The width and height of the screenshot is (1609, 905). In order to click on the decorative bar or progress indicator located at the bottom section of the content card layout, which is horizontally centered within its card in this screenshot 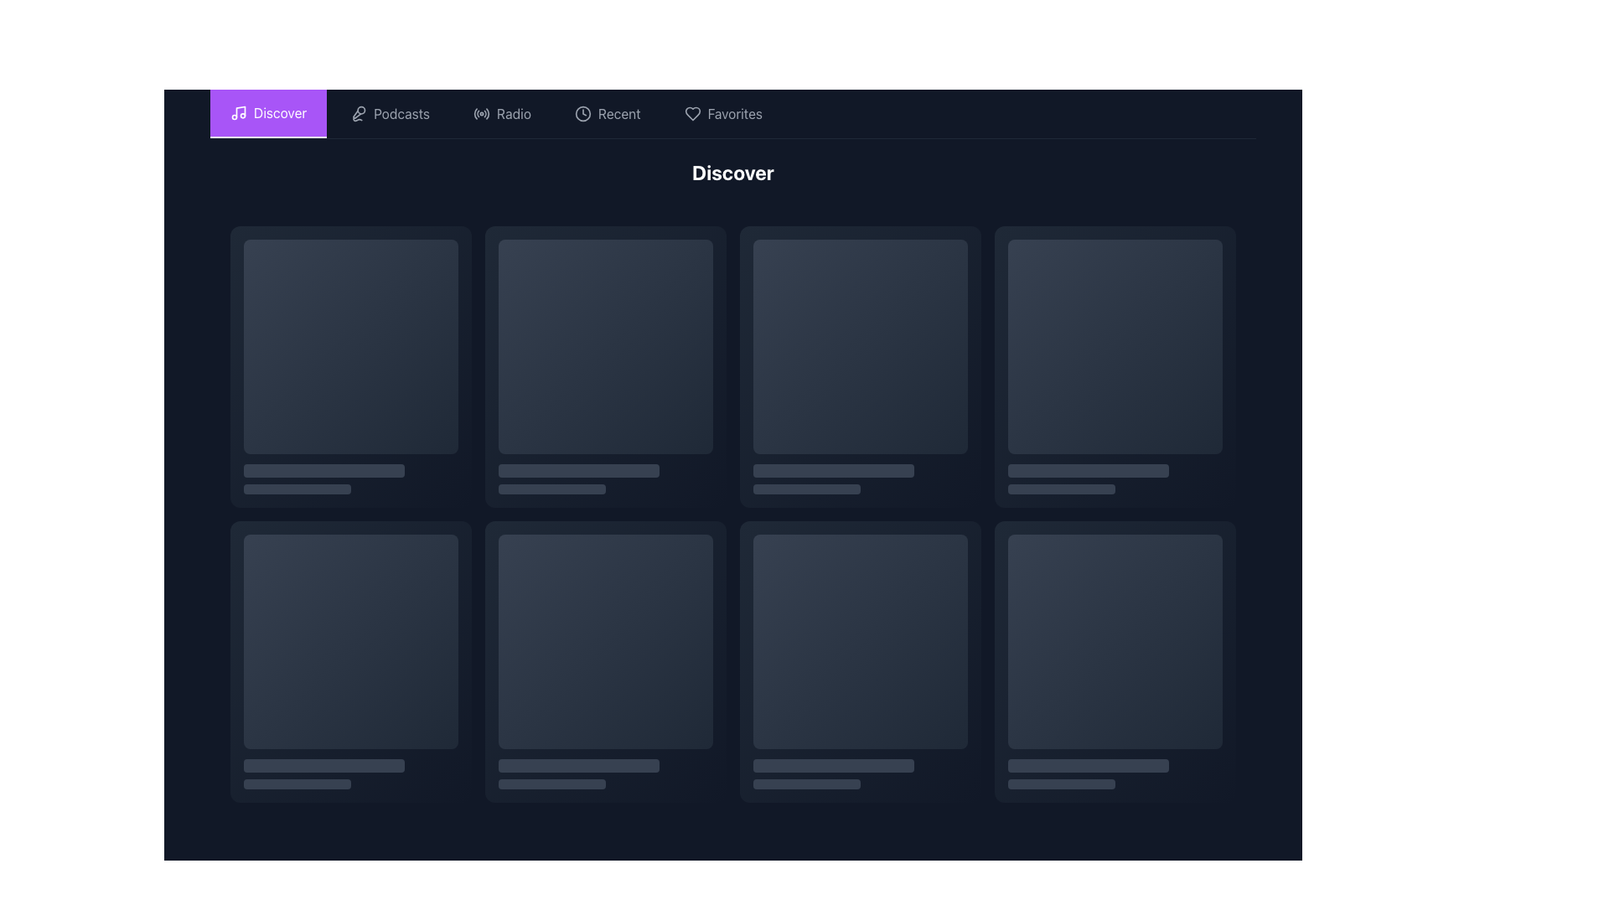, I will do `click(807, 784)`.